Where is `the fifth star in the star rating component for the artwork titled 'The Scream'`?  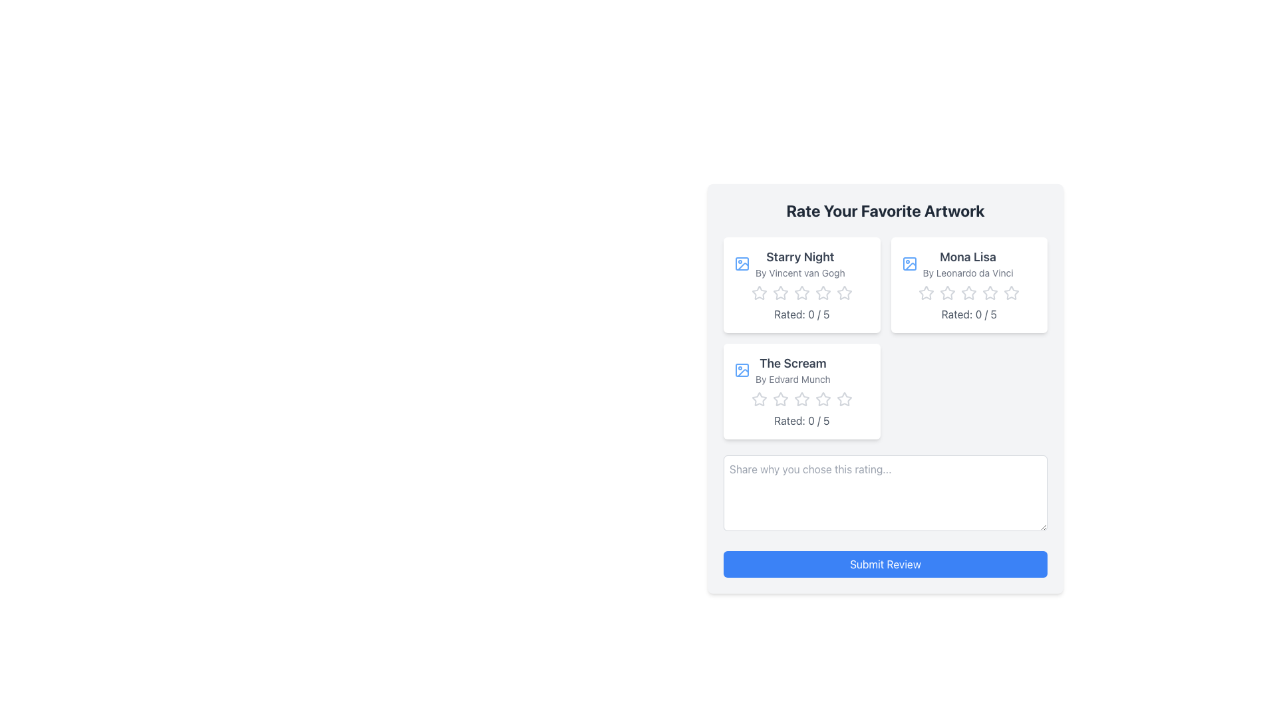 the fifth star in the star rating component for the artwork titled 'The Scream' is located at coordinates (843, 399).